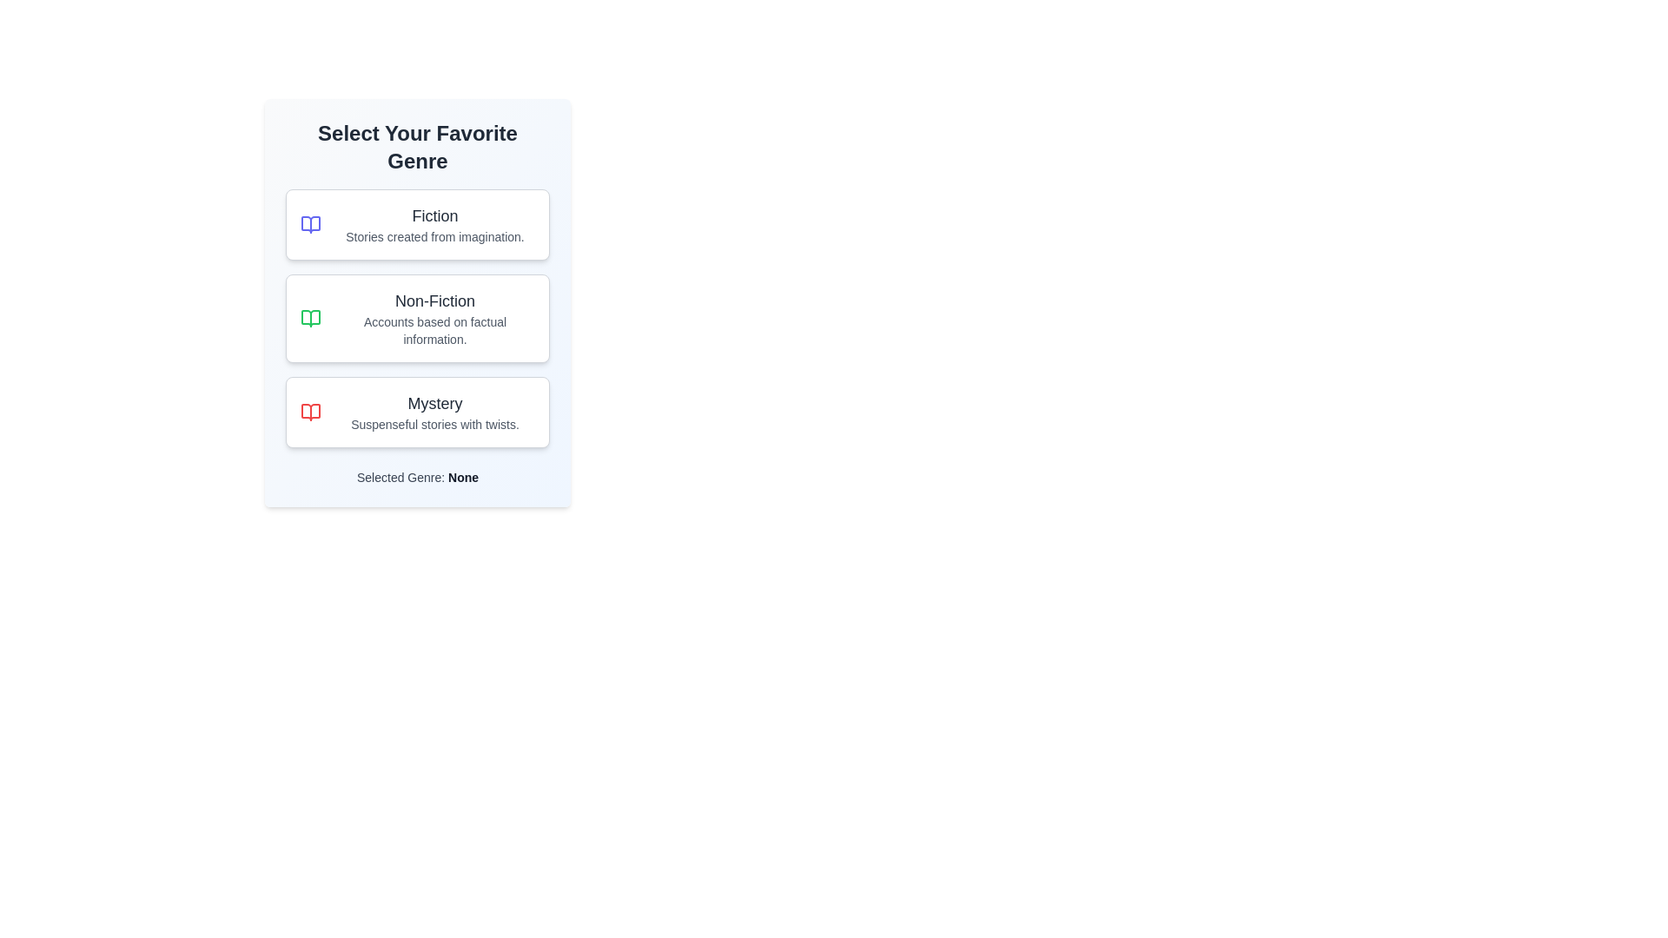 This screenshot has width=1668, height=938. What do you see at coordinates (417, 146) in the screenshot?
I see `the Header text element, which serves as a title or instruction above the genre options section` at bounding box center [417, 146].